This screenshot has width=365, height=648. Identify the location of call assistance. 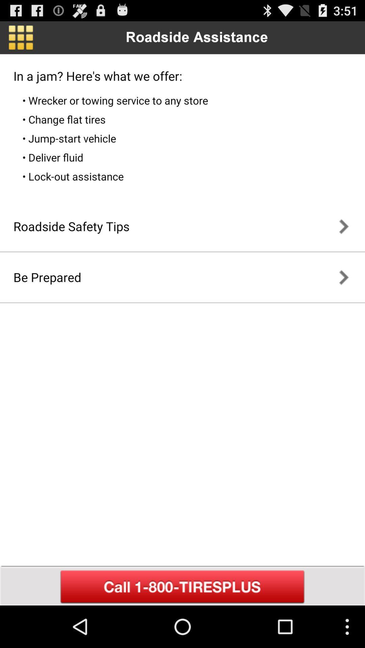
(182, 587).